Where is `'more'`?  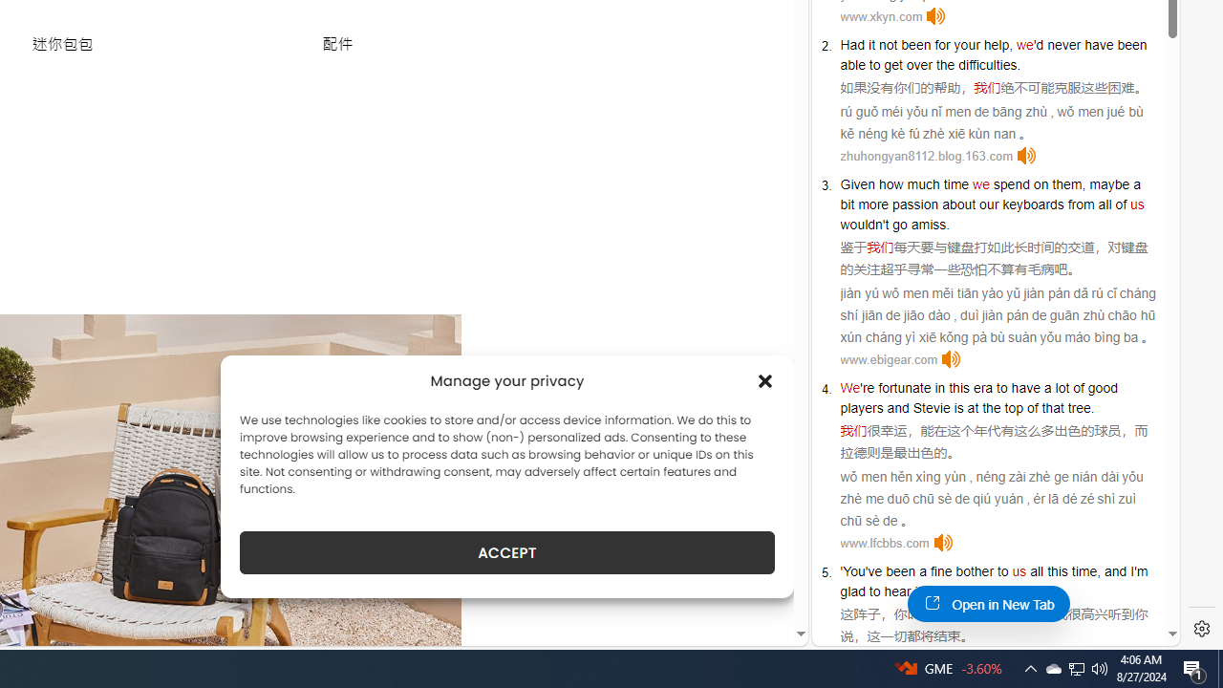
'more' is located at coordinates (872, 204).